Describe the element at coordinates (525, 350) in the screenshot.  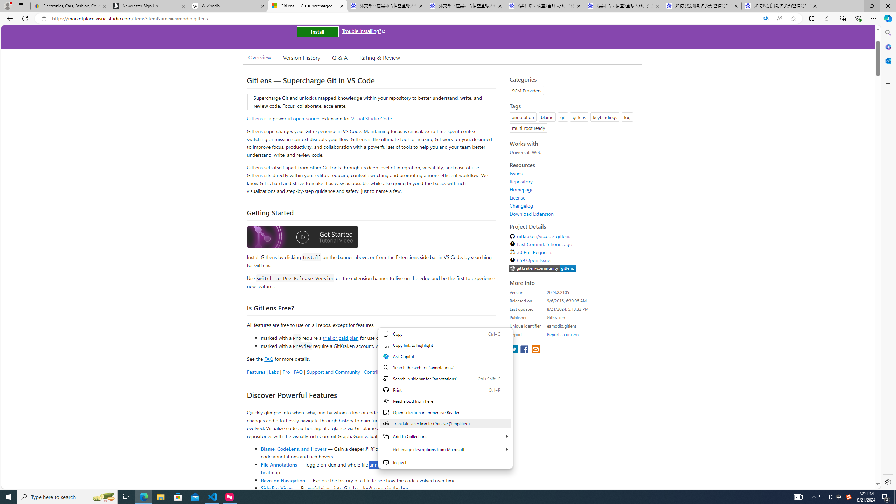
I see `'share extension on facebook'` at that location.